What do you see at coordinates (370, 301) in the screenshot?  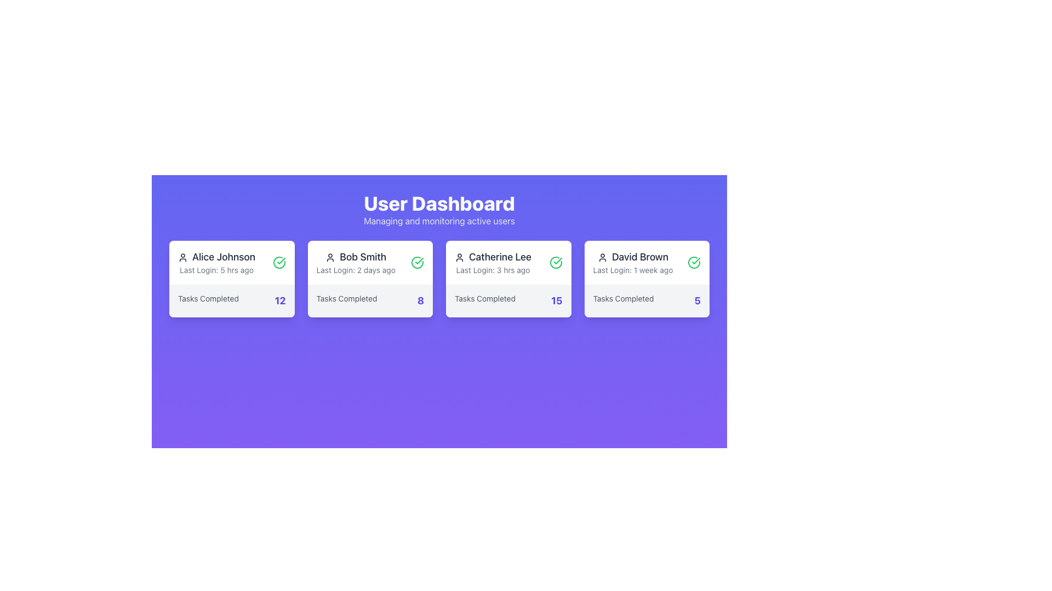 I see `text display indicating the number of tasks completed by user 'Bob Smith', which shows '8', located at the bottom of the card under 'Last Login: 2 days ago'` at bounding box center [370, 301].